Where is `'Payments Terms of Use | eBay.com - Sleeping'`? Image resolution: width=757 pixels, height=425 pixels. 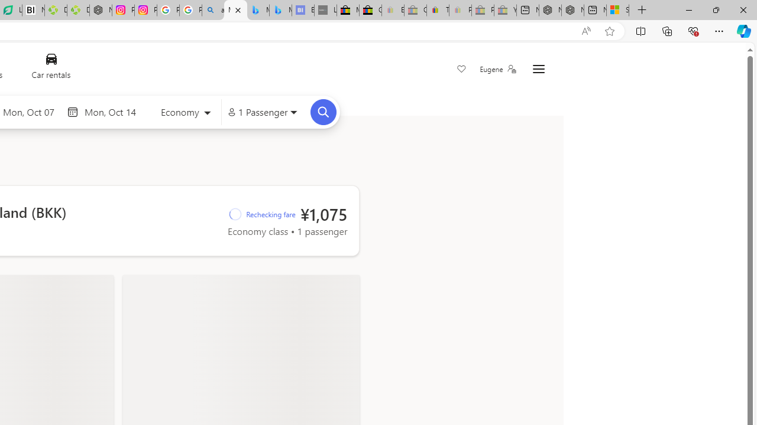 'Payments Terms of Use | eBay.com - Sleeping' is located at coordinates (460, 10).